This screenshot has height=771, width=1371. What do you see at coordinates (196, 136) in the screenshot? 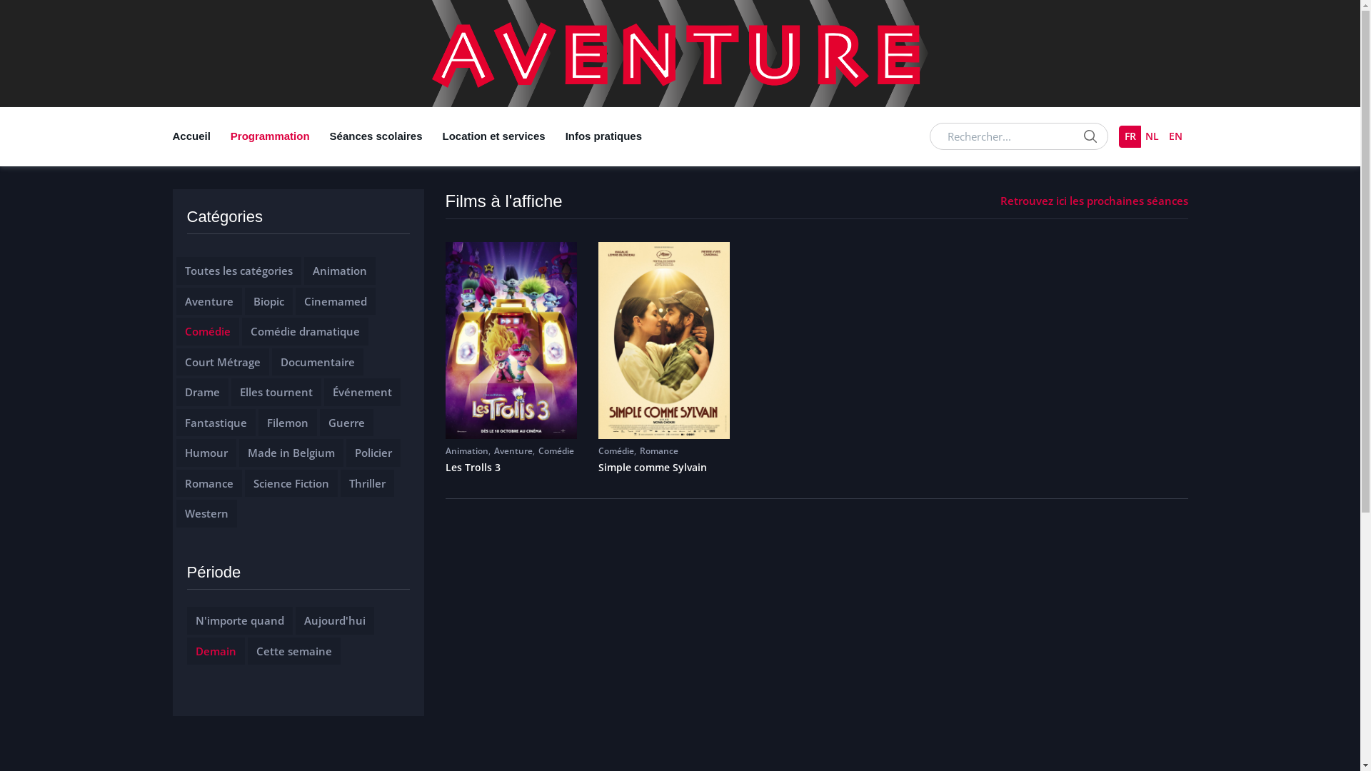
I see `'Accueil'` at bounding box center [196, 136].